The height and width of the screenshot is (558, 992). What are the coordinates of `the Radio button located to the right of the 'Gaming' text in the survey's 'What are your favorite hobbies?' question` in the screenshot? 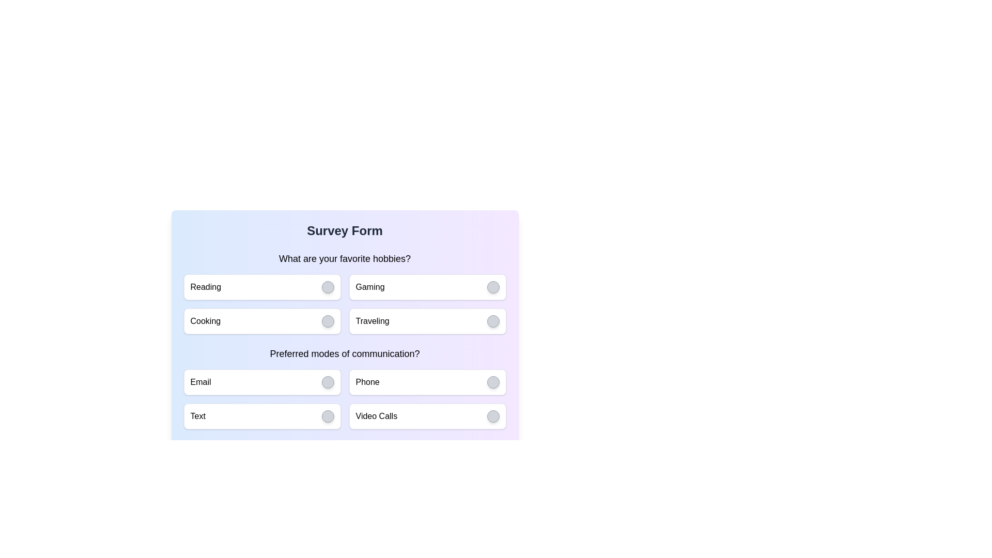 It's located at (492, 287).